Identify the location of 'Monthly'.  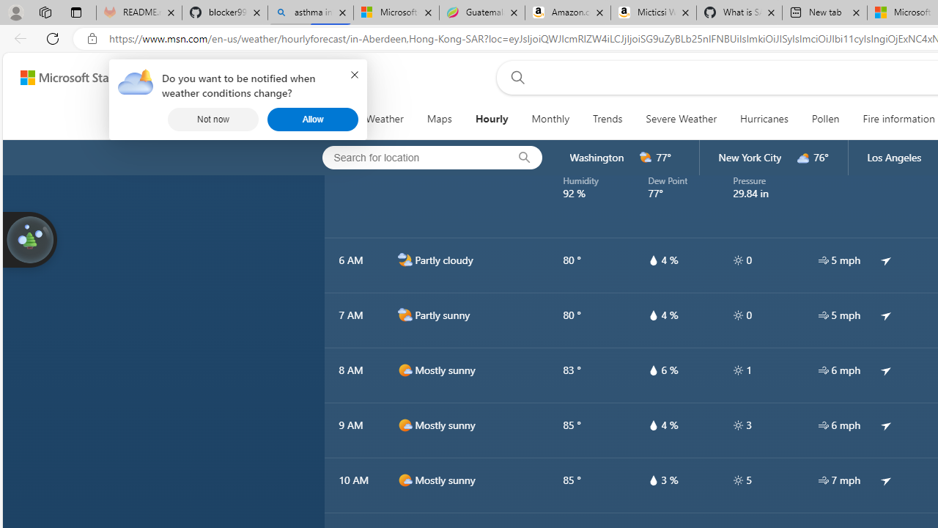
(550, 119).